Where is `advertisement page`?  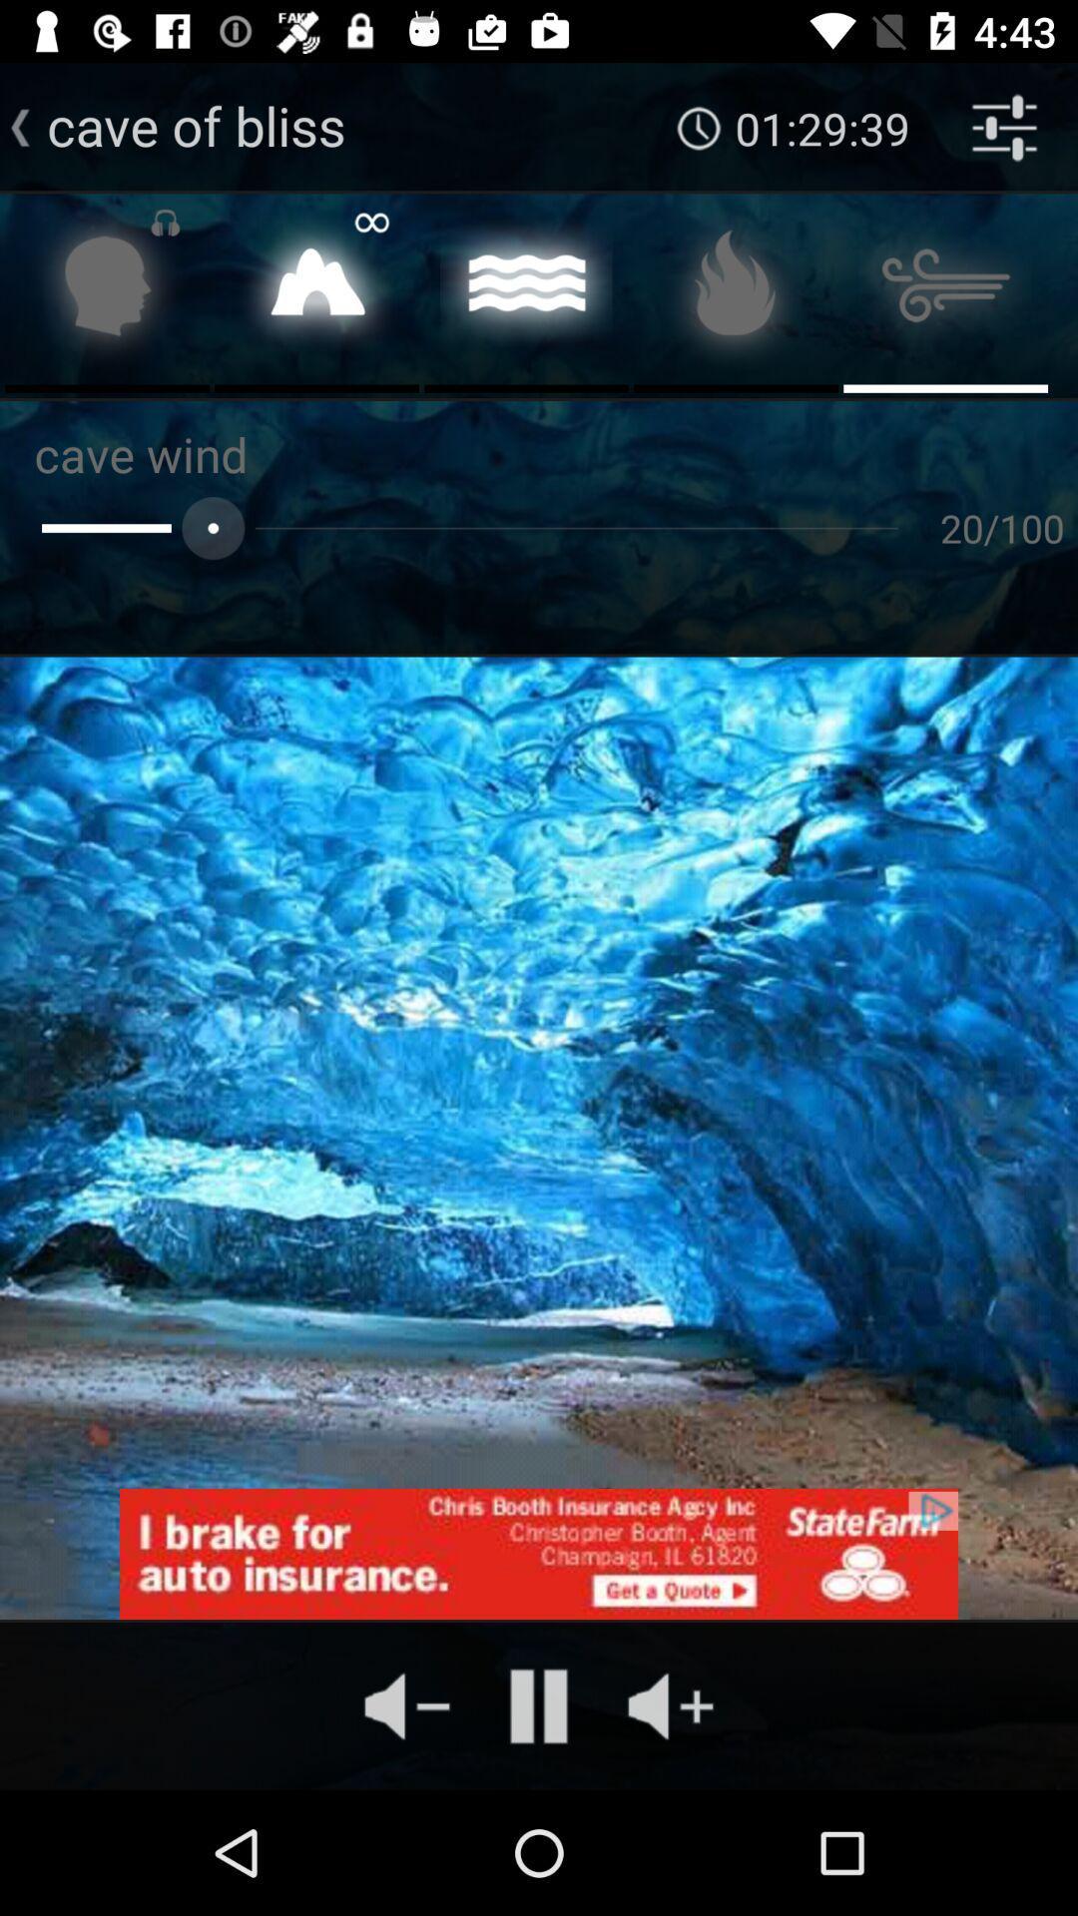 advertisement page is located at coordinates (539, 1553).